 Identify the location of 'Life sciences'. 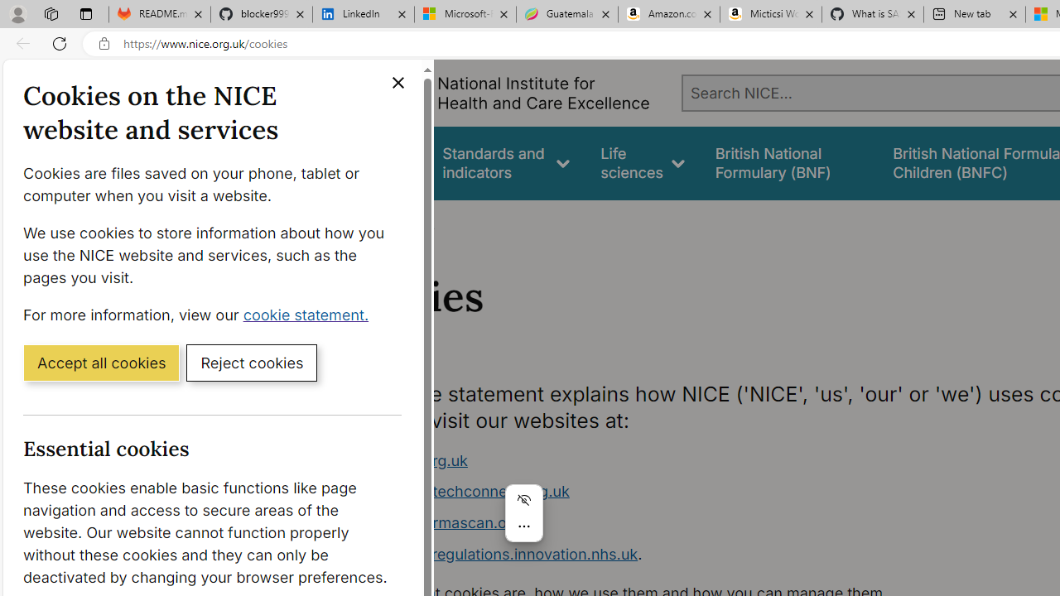
(642, 163).